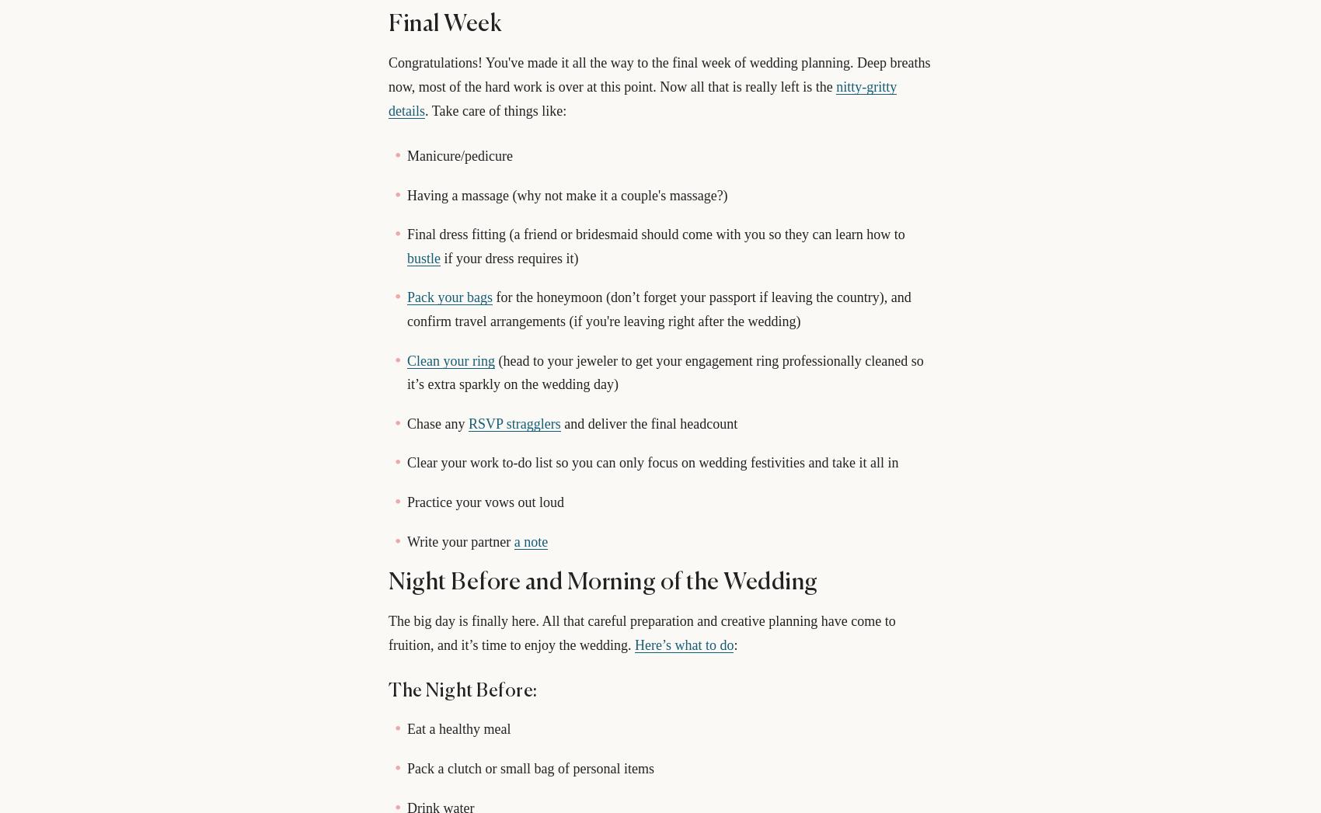  Describe the element at coordinates (655, 233) in the screenshot. I see `'Final dress fitting (a friend or bridesmaid should come with you so they can learn how to'` at that location.